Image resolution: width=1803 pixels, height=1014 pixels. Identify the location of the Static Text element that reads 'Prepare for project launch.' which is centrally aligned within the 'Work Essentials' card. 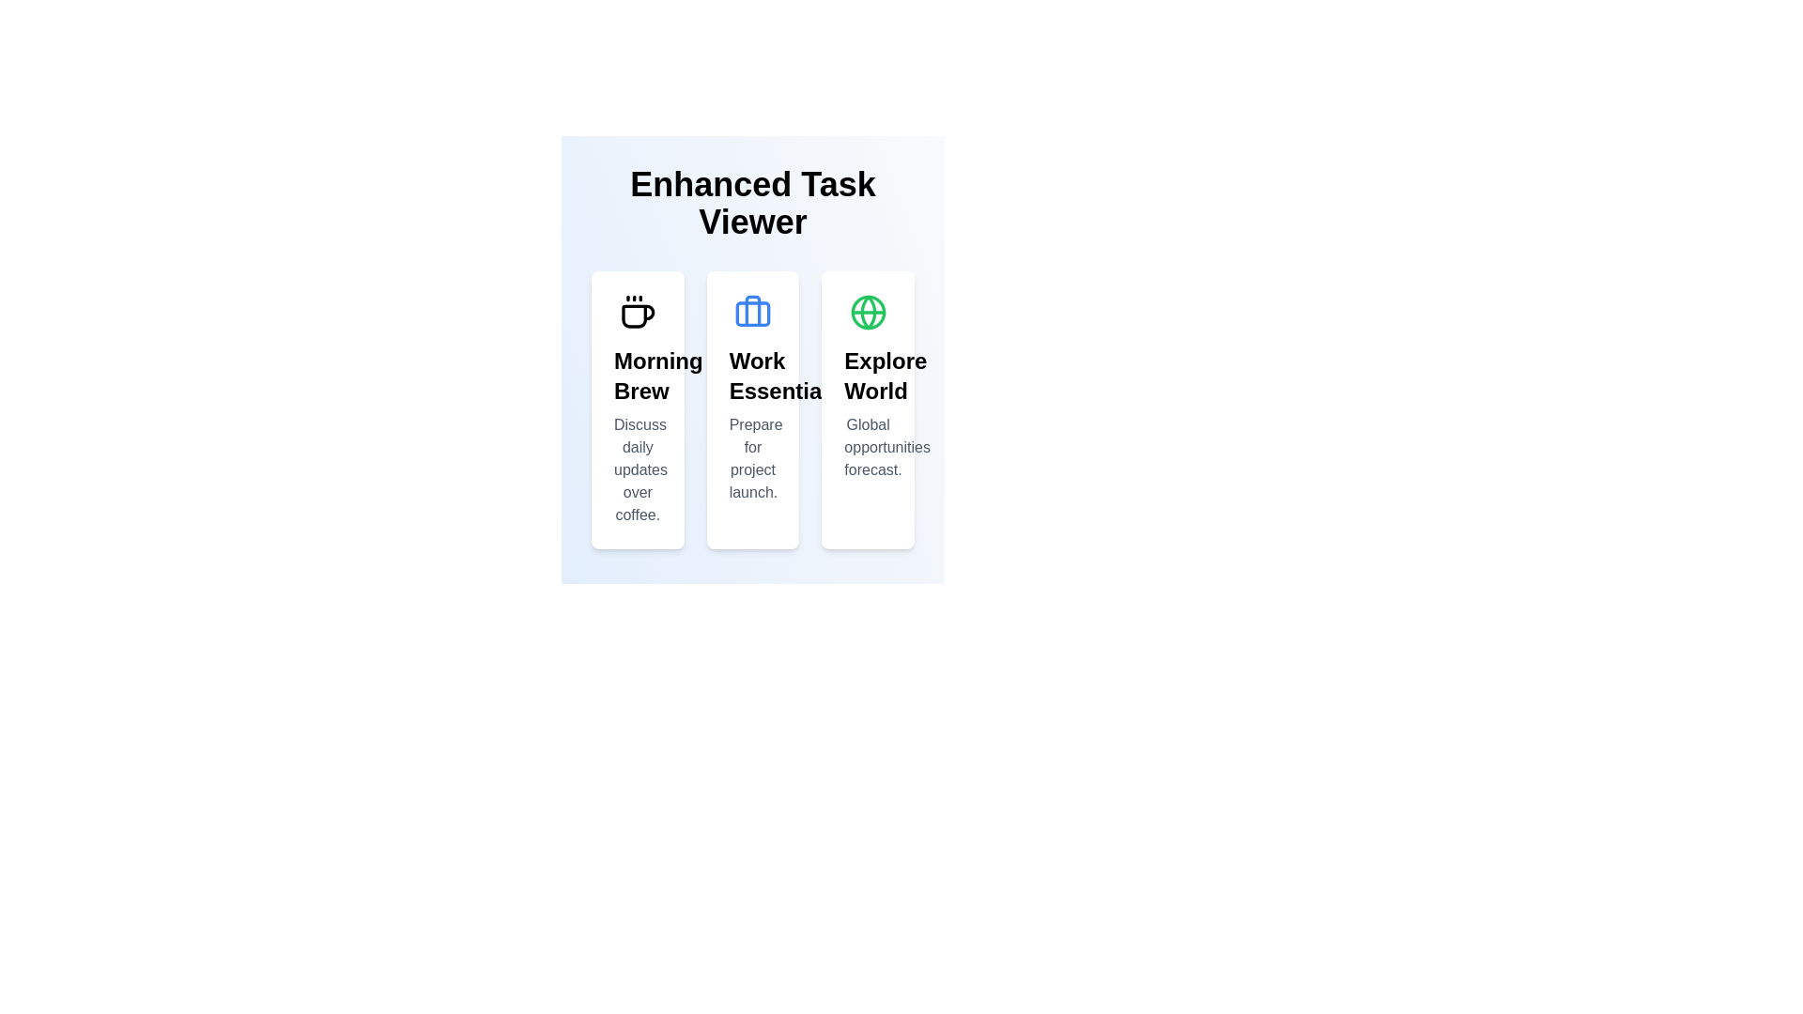
(752, 459).